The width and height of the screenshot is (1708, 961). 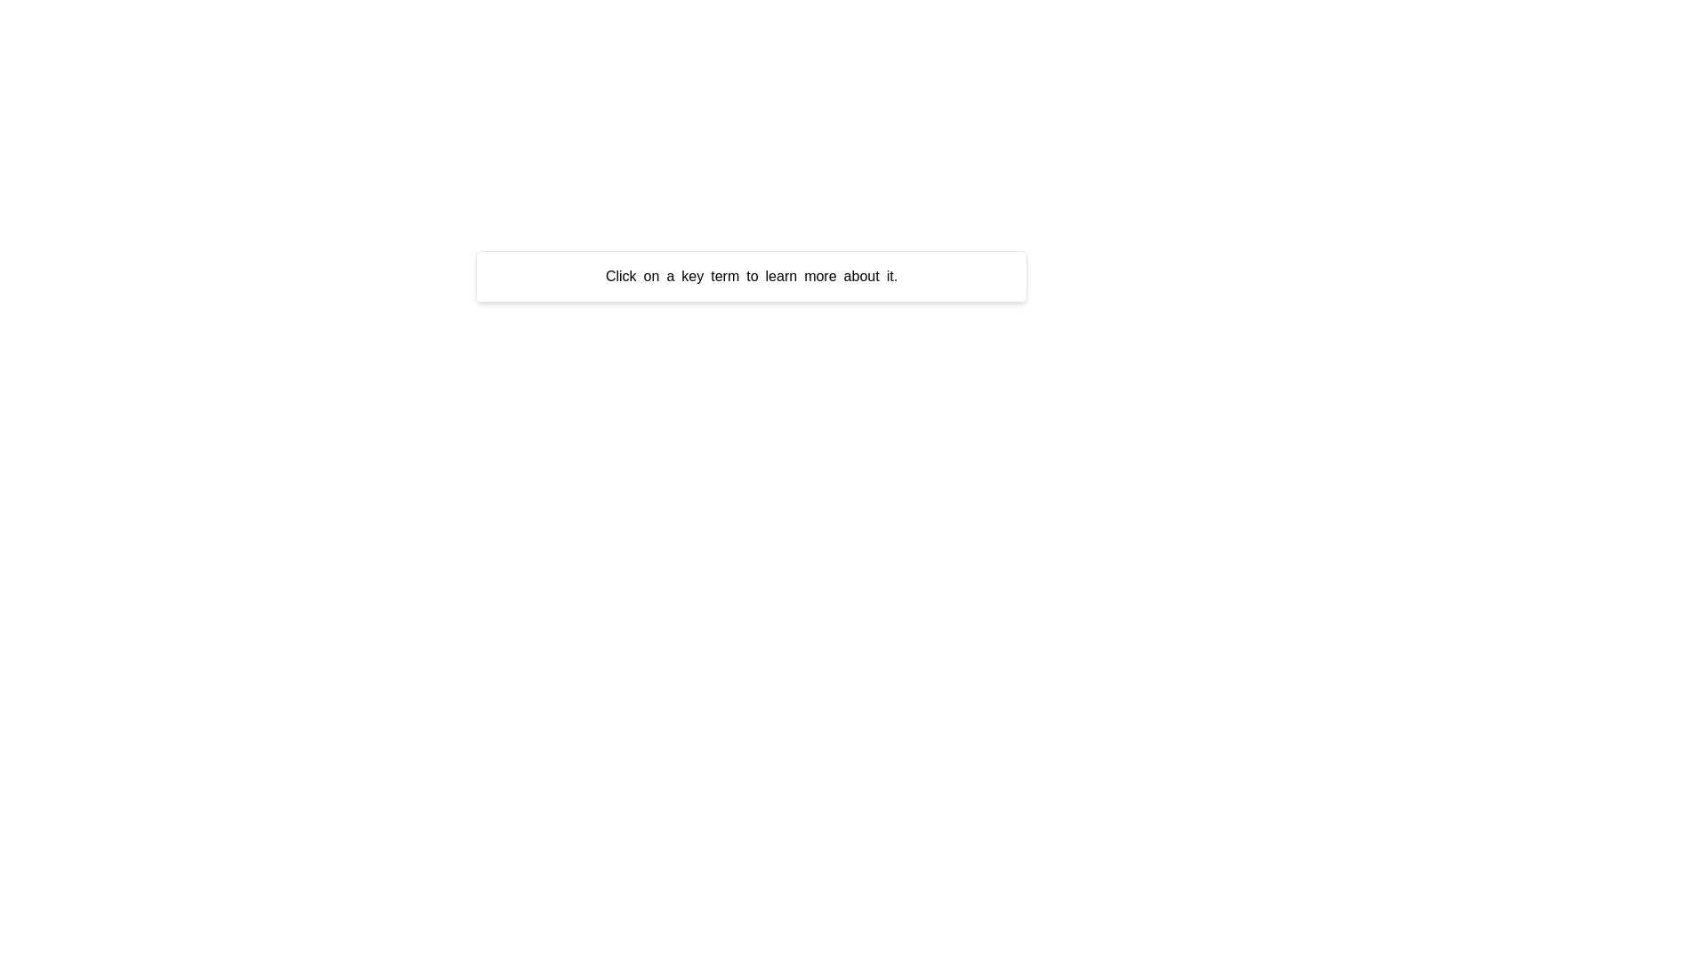 What do you see at coordinates (621, 276) in the screenshot?
I see `the text element that says 'Click', which is the first word in the sentence 'Click on a key term to learn more about it.', styled with a black font on a white background` at bounding box center [621, 276].